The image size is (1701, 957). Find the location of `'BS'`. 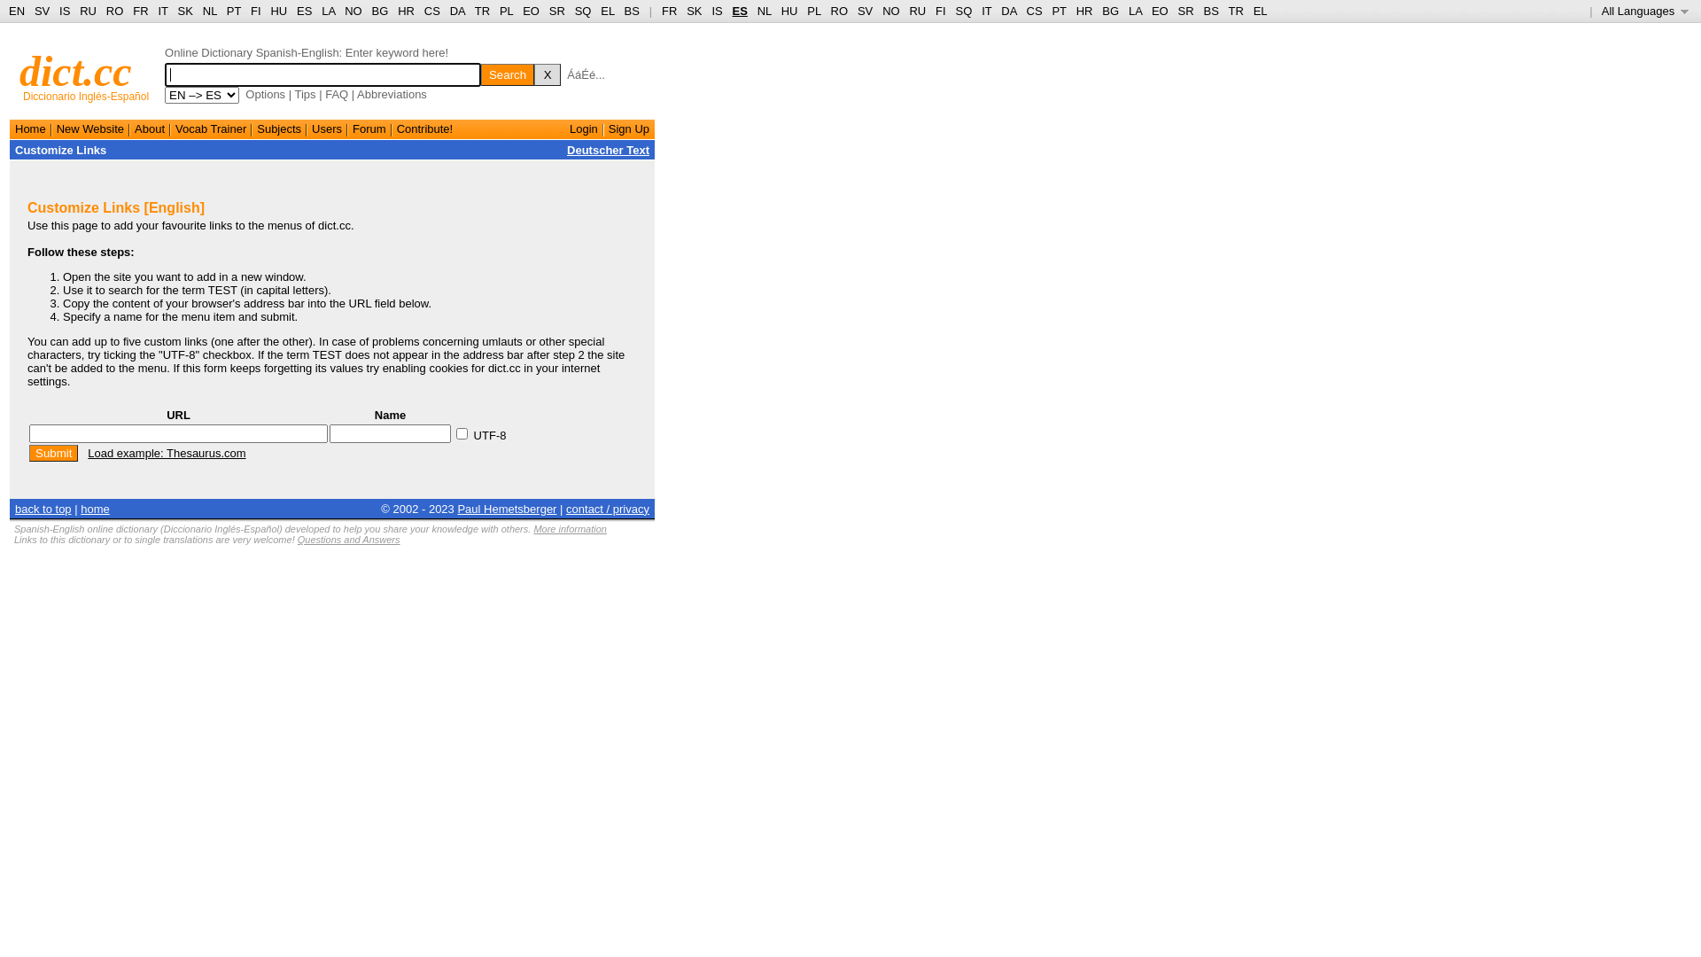

'BS' is located at coordinates (632, 11).